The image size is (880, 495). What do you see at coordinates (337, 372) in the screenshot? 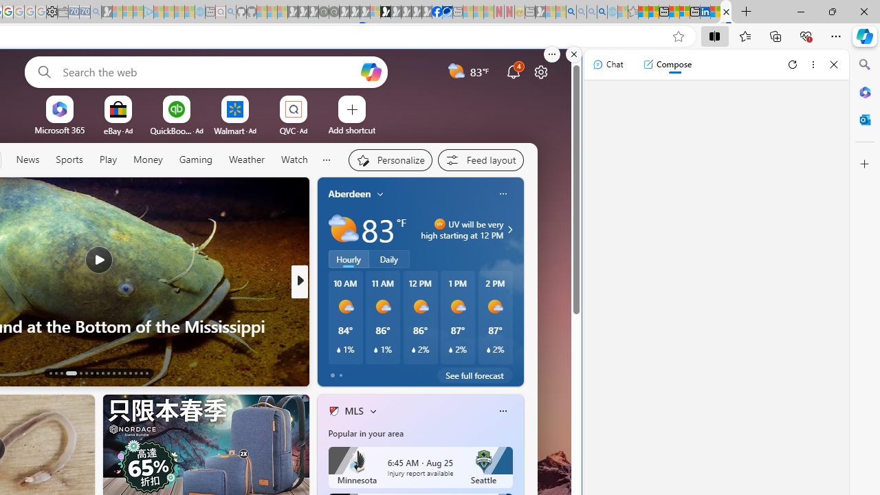
I see `'207 Like'` at bounding box center [337, 372].